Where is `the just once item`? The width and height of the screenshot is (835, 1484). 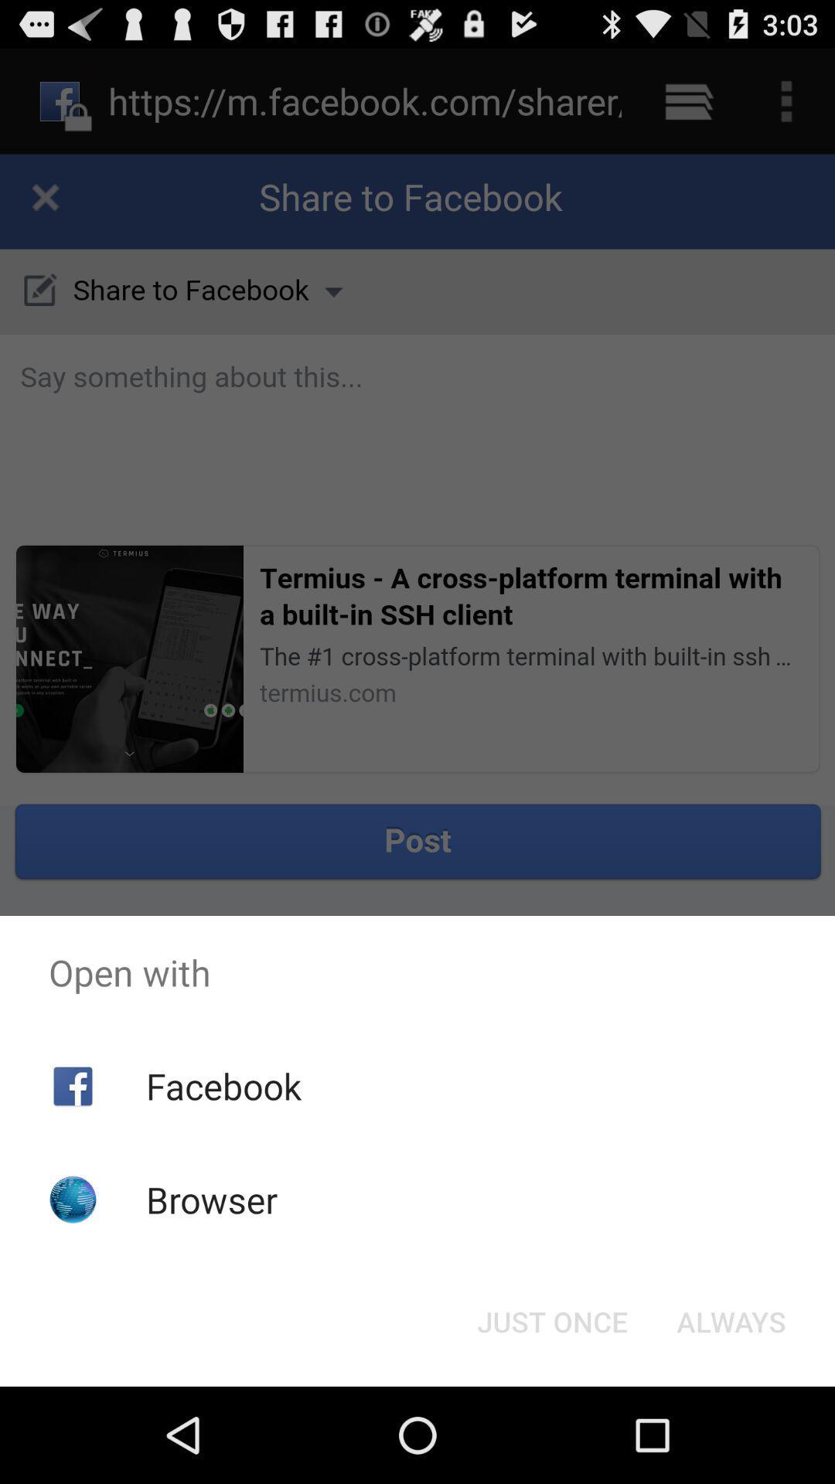
the just once item is located at coordinates (551, 1320).